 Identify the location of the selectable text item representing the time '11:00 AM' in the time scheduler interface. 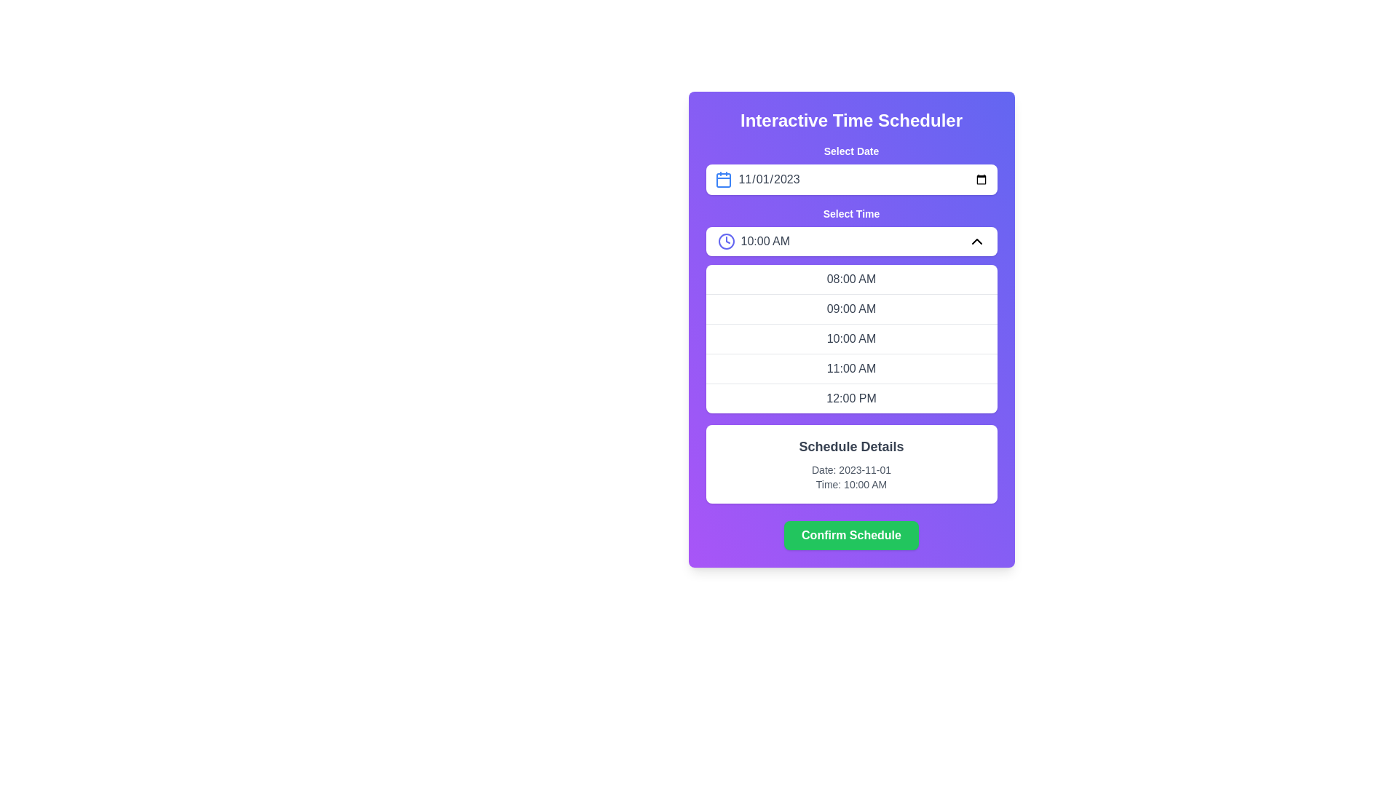
(851, 368).